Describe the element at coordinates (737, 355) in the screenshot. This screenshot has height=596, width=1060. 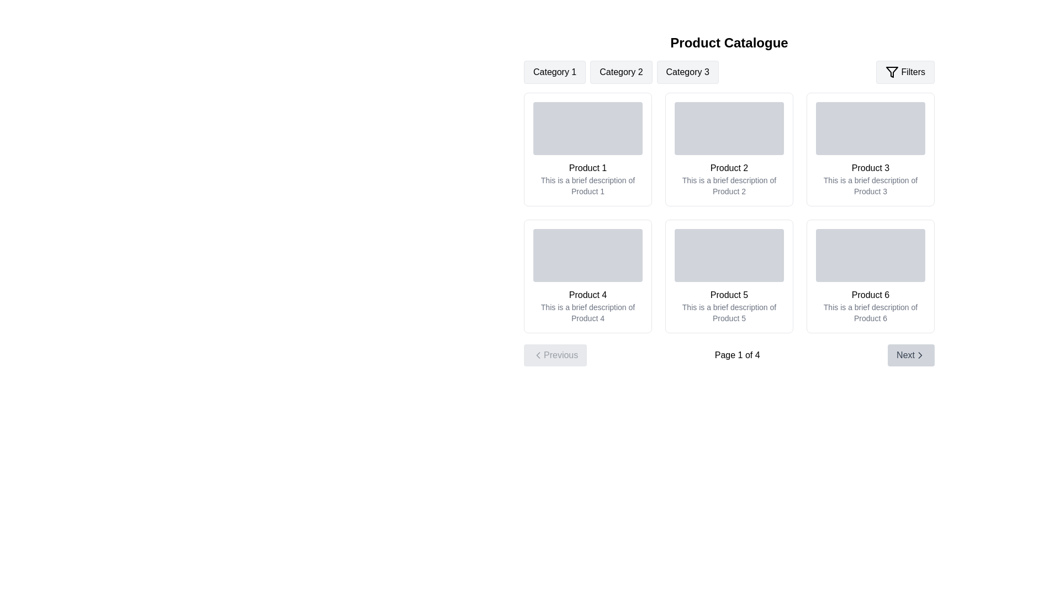
I see `the static text label that indicates the current page number and total pages in the pagination system, located in the navigation control bar at the bottom` at that location.